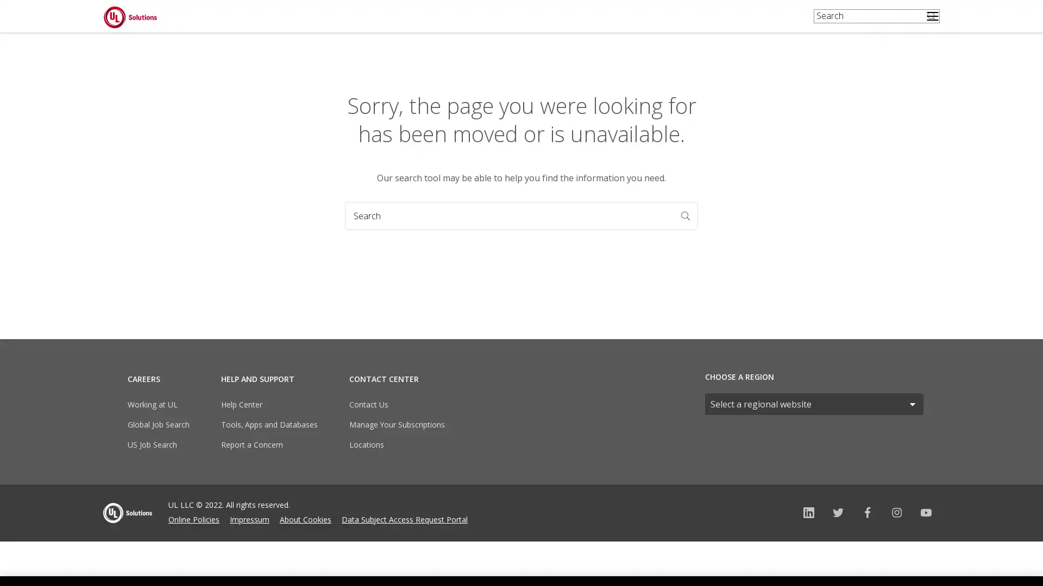  What do you see at coordinates (933, 24) in the screenshot?
I see `Search` at bounding box center [933, 24].